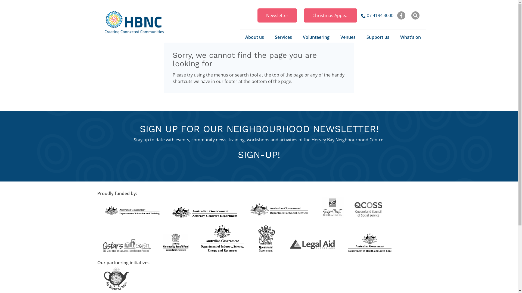  I want to click on 'HBNC', so click(134, 22).